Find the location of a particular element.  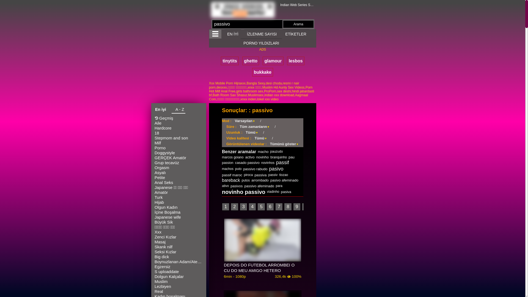

'passion' is located at coordinates (222, 162).